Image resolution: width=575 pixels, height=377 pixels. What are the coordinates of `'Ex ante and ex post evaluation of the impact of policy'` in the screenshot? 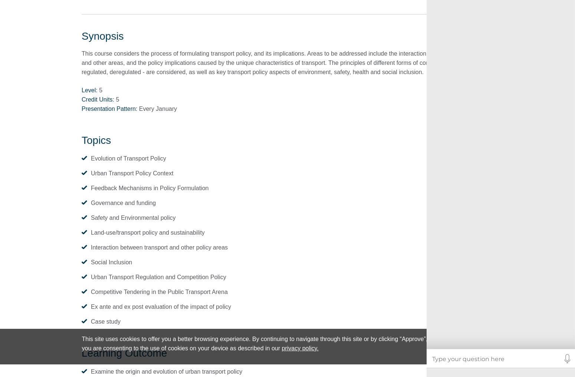 It's located at (161, 306).